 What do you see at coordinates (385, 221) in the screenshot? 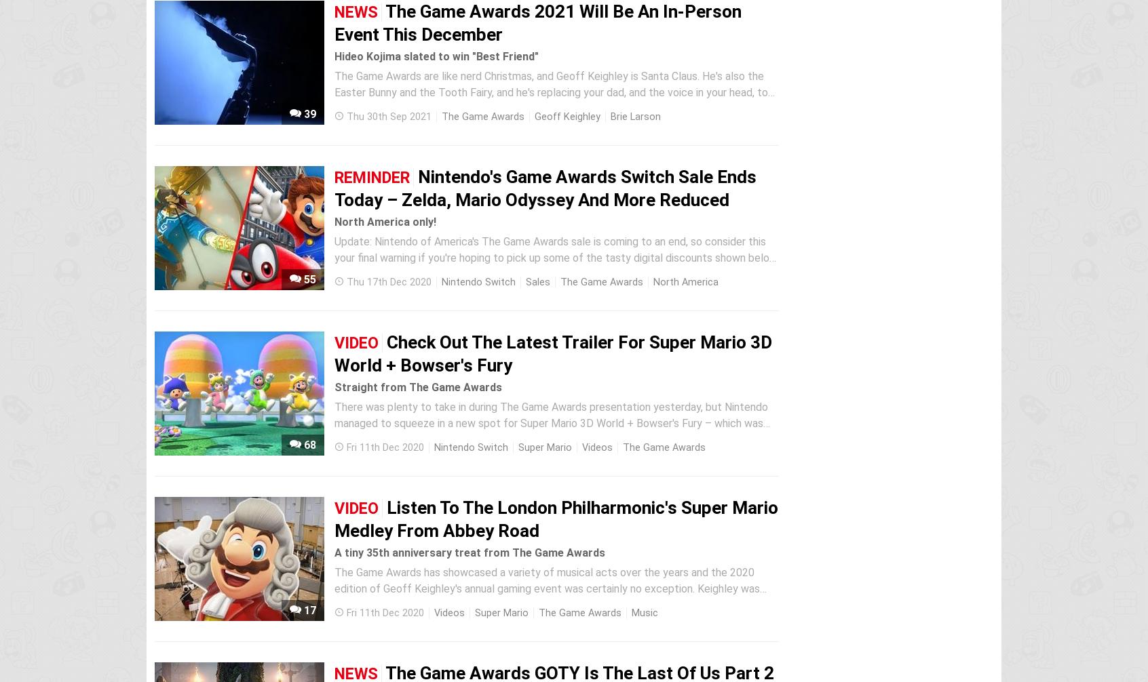
I see `'North America only!'` at bounding box center [385, 221].